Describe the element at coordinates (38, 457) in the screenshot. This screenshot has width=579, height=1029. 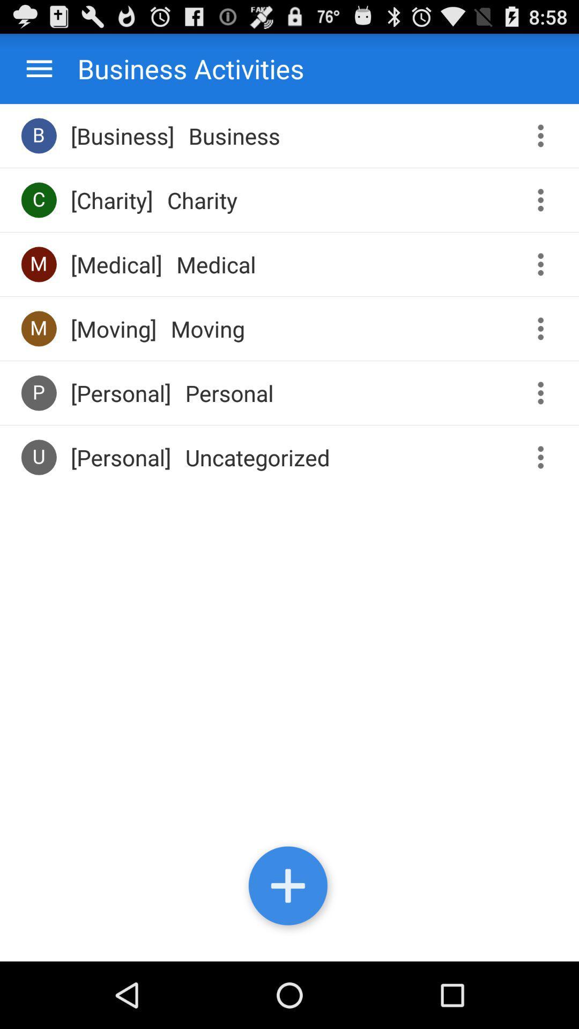
I see `icon below p app` at that location.